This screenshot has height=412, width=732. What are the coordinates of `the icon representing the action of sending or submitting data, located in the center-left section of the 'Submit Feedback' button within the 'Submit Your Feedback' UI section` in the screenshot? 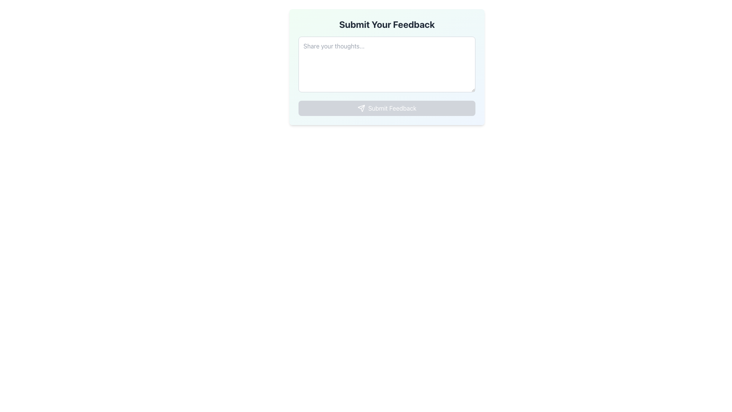 It's located at (361, 108).